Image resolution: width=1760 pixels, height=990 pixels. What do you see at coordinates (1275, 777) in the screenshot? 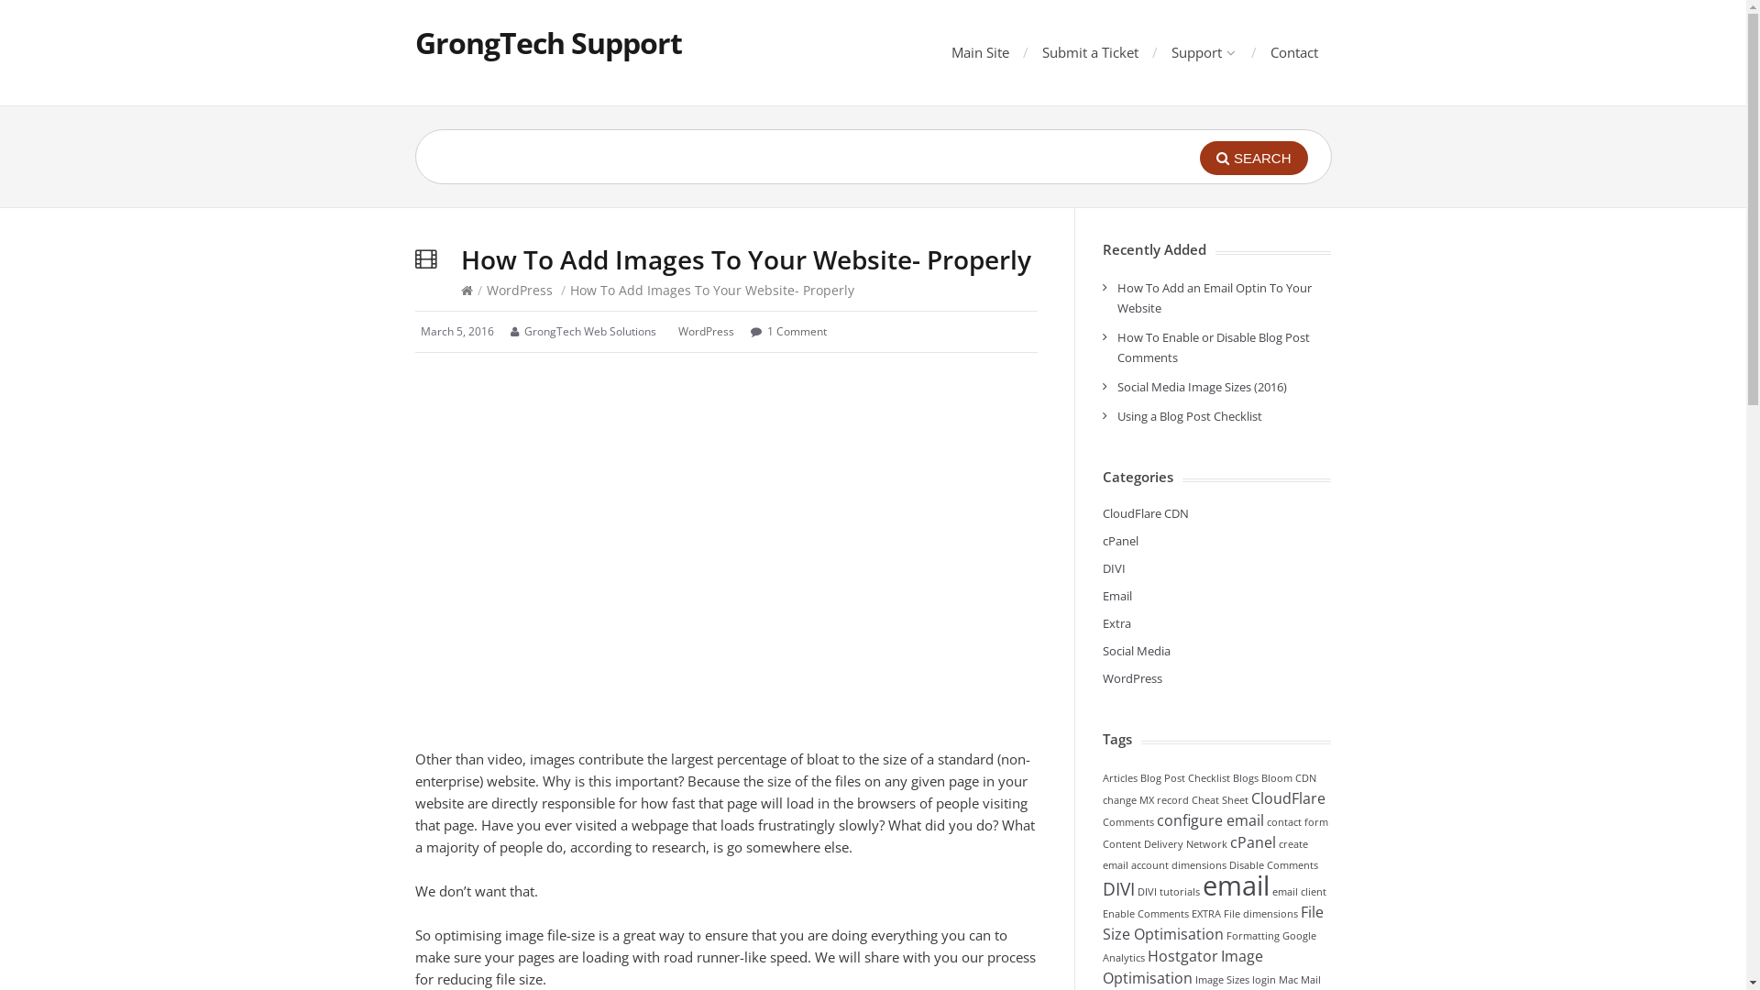
I see `'Bloom'` at bounding box center [1275, 777].